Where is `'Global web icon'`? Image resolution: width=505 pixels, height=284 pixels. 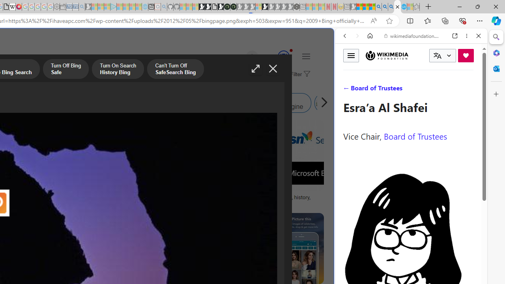
'Global web icon' is located at coordinates (350, 264).